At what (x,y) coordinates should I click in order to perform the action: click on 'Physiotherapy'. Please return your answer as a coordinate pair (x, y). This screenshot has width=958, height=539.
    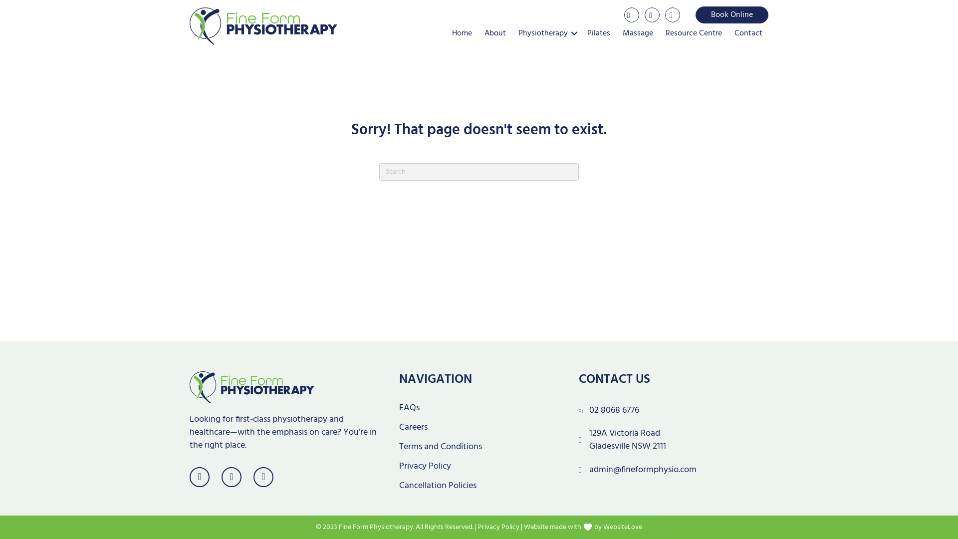
    Looking at the image, I should click on (546, 32).